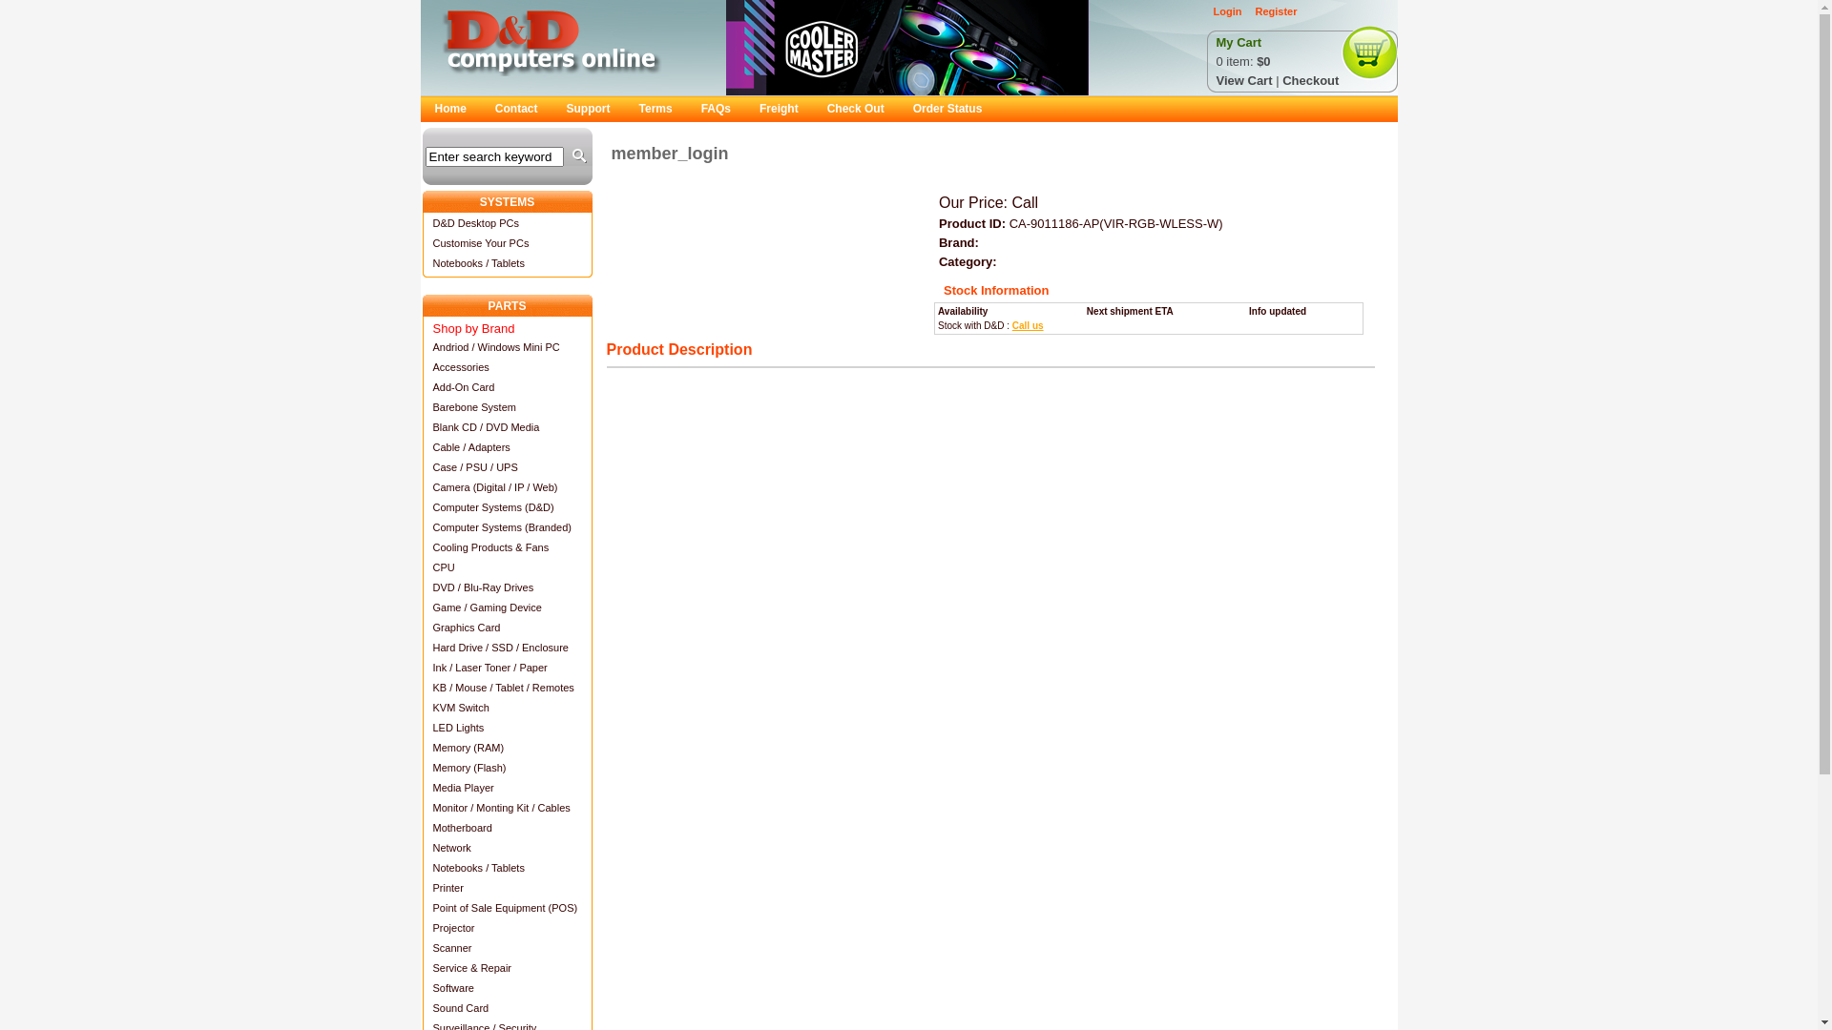 The height and width of the screenshot is (1030, 1832). I want to click on 'Andriod / Windows Mini PC', so click(420, 346).